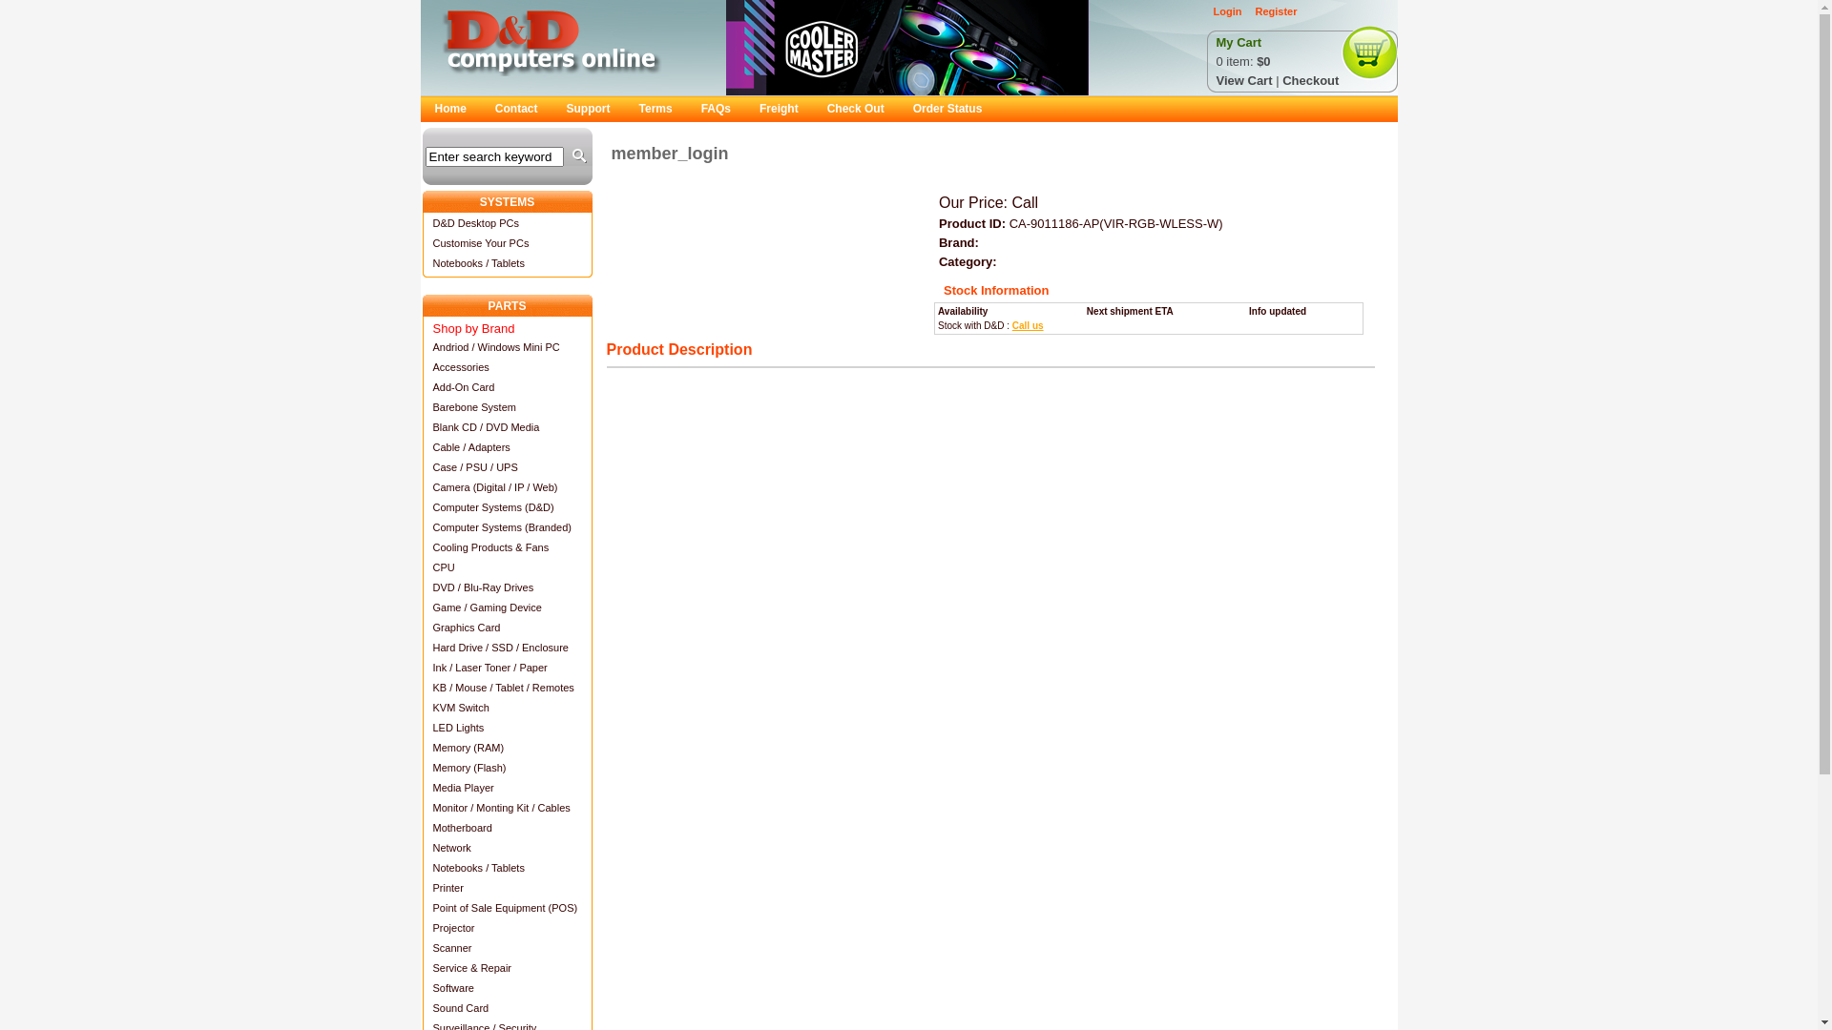 The height and width of the screenshot is (1030, 1832). I want to click on 'Andriod / Windows Mini PC', so click(420, 346).